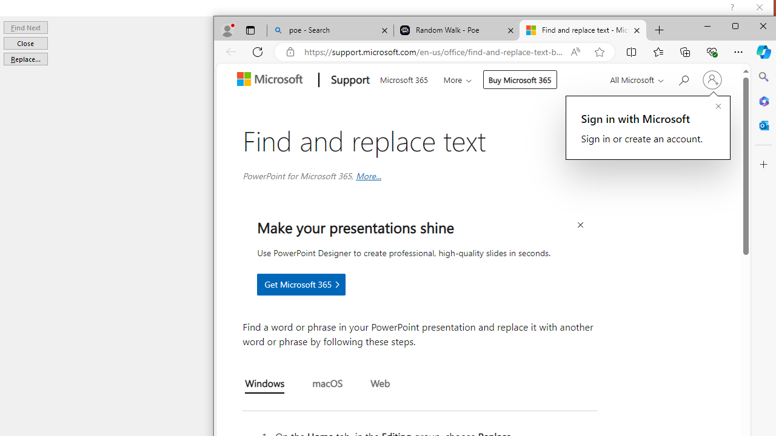 This screenshot has width=776, height=436. What do you see at coordinates (456, 30) in the screenshot?
I see `'Random Walk - Poe'` at bounding box center [456, 30].